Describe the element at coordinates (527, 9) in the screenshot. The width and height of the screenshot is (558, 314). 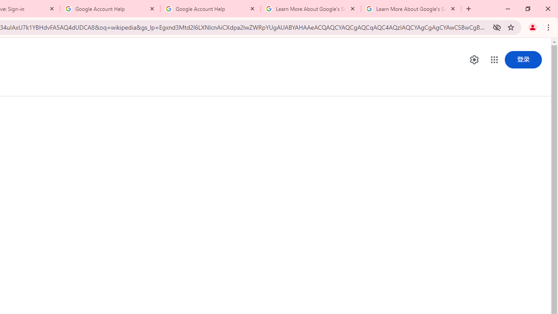
I see `'Restore'` at that location.